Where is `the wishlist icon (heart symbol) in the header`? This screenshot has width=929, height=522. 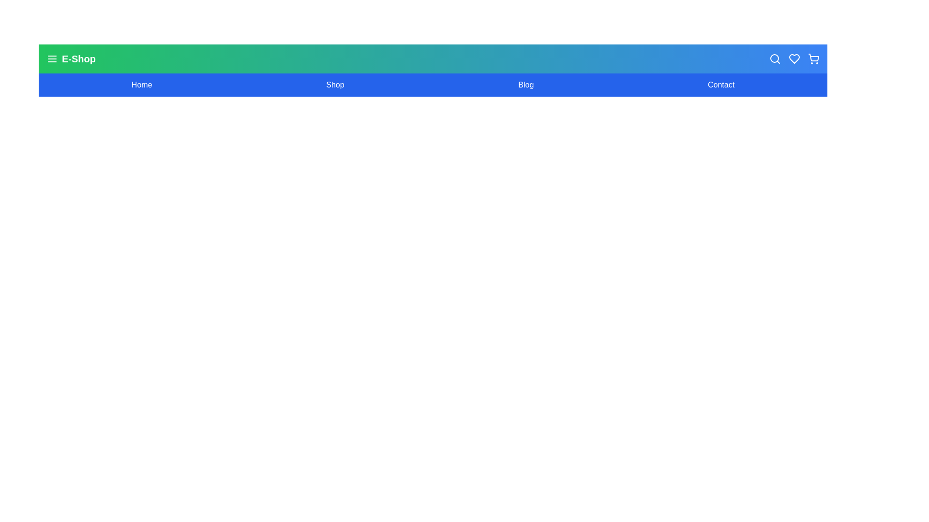 the wishlist icon (heart symbol) in the header is located at coordinates (794, 59).